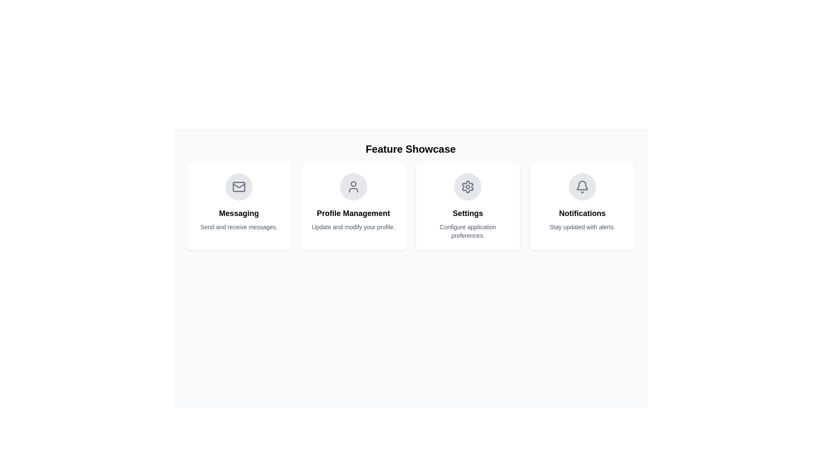 The height and width of the screenshot is (462, 821). What do you see at coordinates (582, 186) in the screenshot?
I see `the bell icon, which is a minimalistic gray stroke circular outline located on the upper section of the Notifications feature card, the fourth card in the Feature Showcase layout` at bounding box center [582, 186].